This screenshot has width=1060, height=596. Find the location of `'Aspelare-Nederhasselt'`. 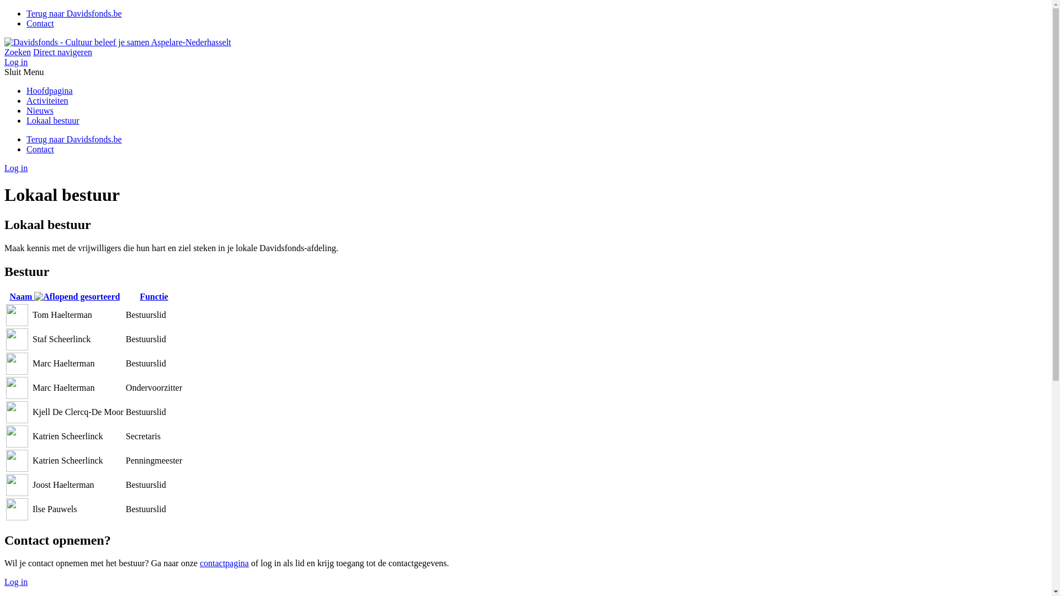

'Aspelare-Nederhasselt' is located at coordinates (118, 41).